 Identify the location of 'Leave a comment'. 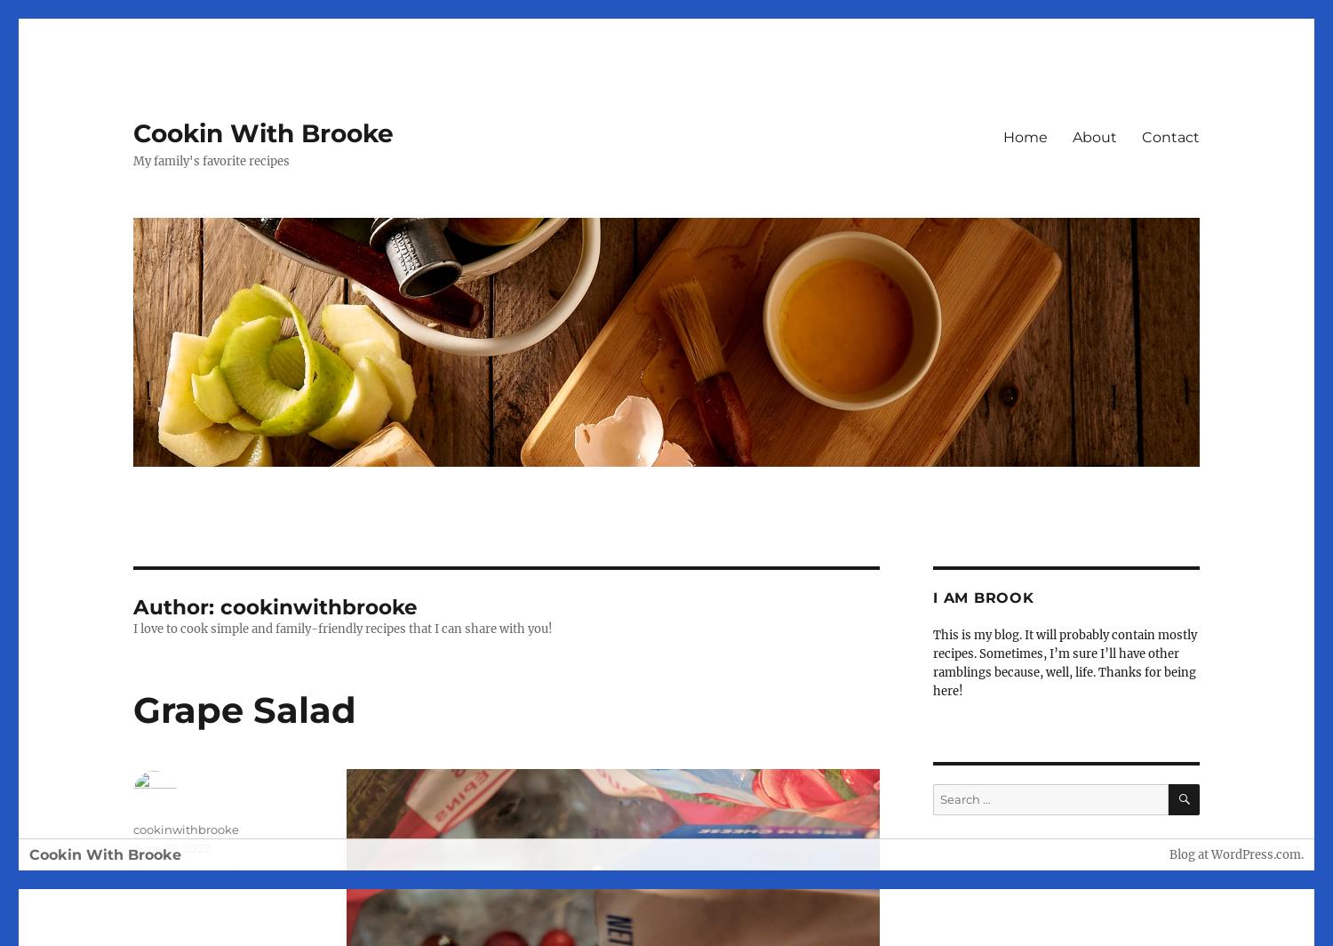
(133, 872).